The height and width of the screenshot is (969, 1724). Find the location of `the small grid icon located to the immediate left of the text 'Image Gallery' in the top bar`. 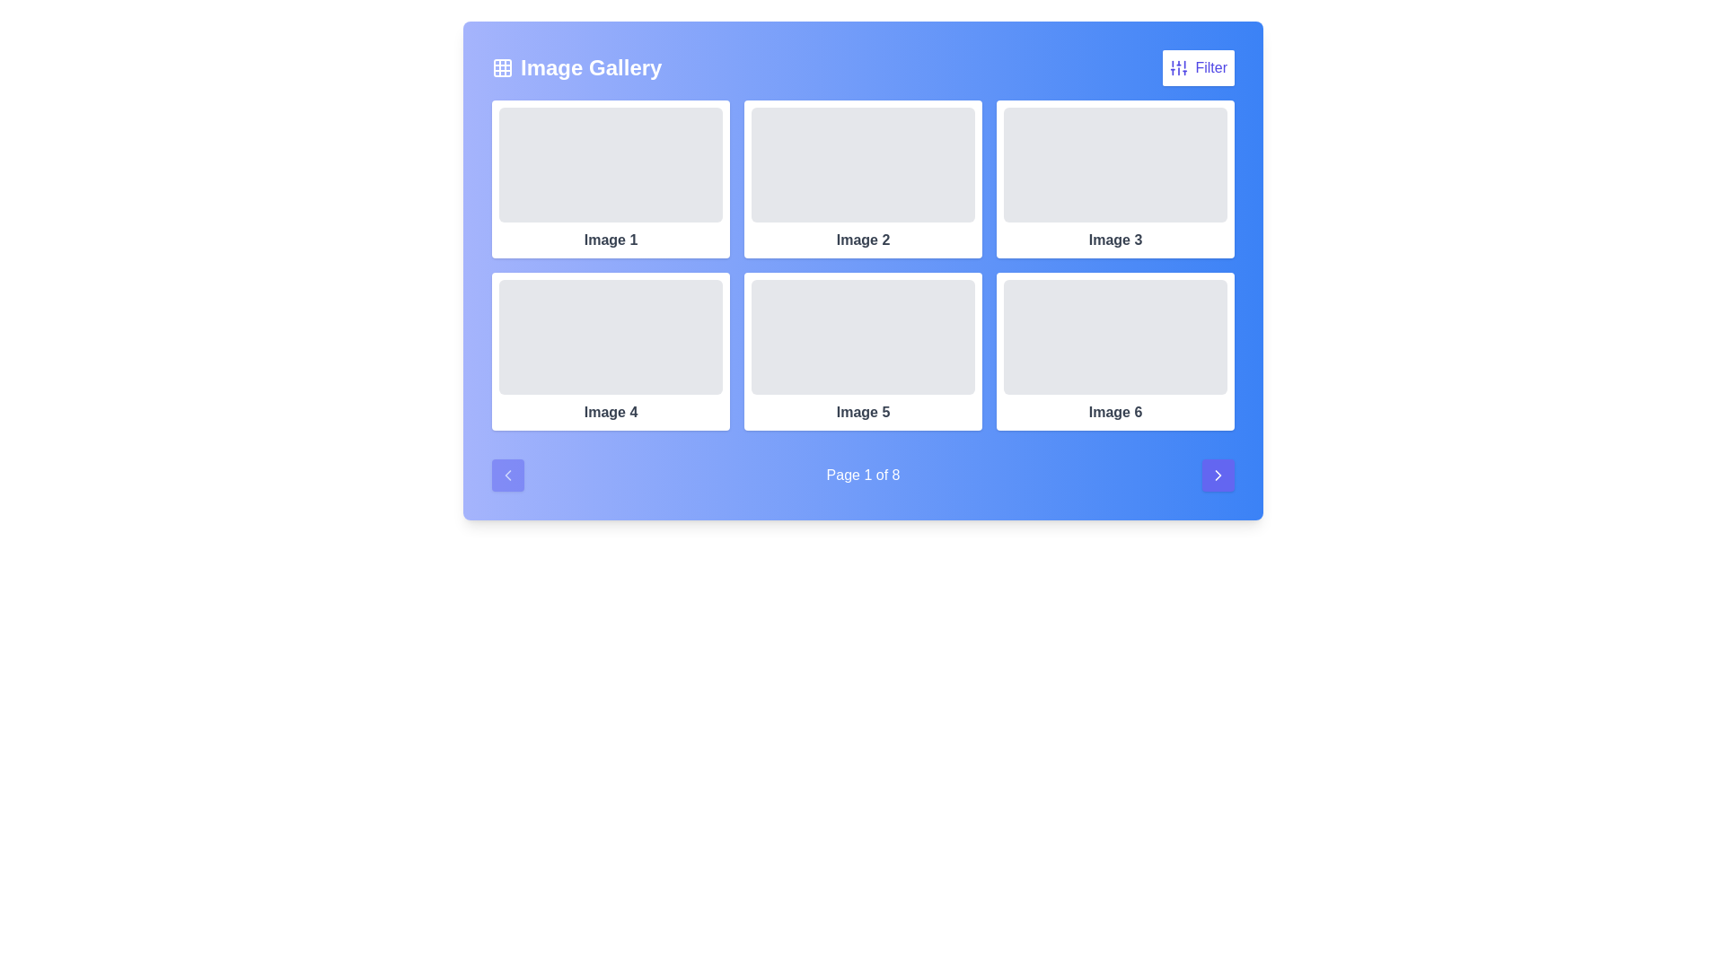

the small grid icon located to the immediate left of the text 'Image Gallery' in the top bar is located at coordinates (503, 67).